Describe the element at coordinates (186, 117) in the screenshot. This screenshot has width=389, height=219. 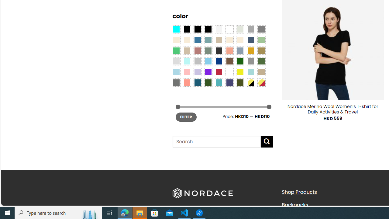
I see `'FILTER'` at that location.